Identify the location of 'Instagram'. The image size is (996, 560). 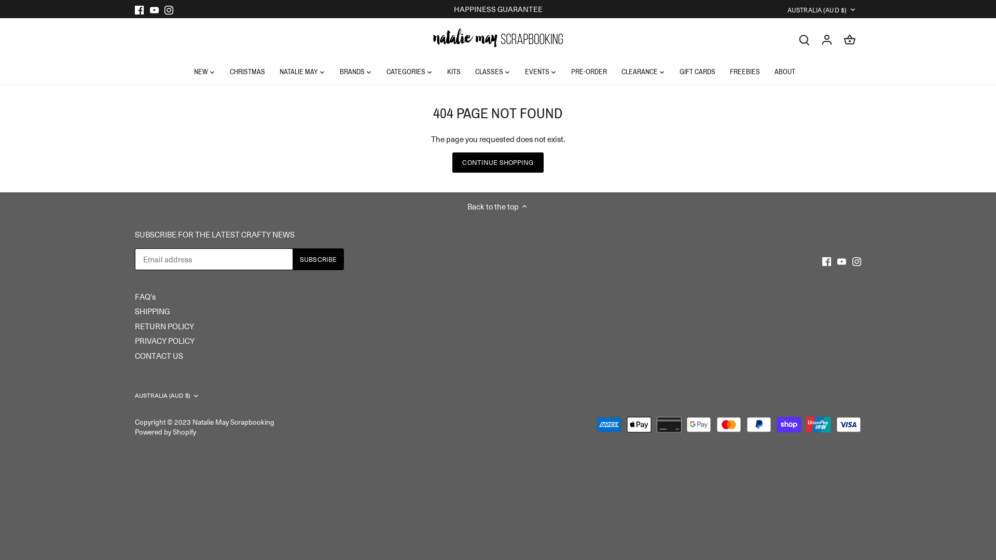
(169, 9).